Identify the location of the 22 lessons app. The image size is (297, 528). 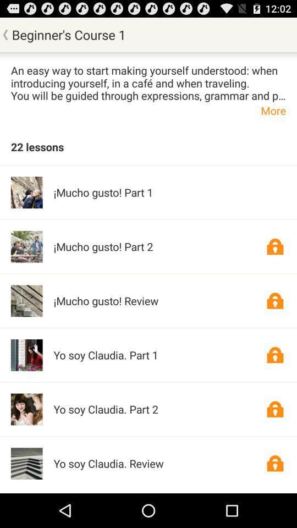
(37, 146).